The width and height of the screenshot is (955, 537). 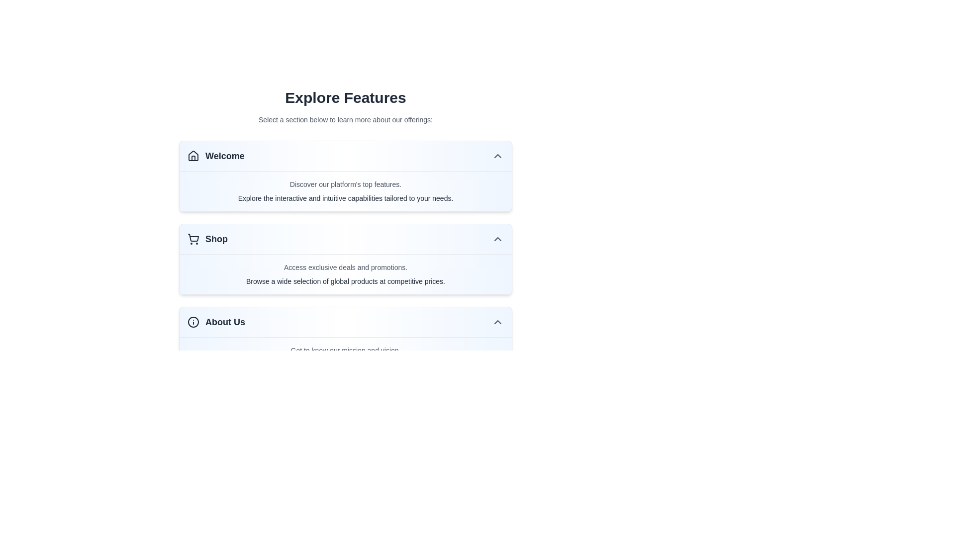 I want to click on the introductory static text located in the 'Welcome' section, which is centered horizontally and positioned above another descriptive text, so click(x=346, y=184).